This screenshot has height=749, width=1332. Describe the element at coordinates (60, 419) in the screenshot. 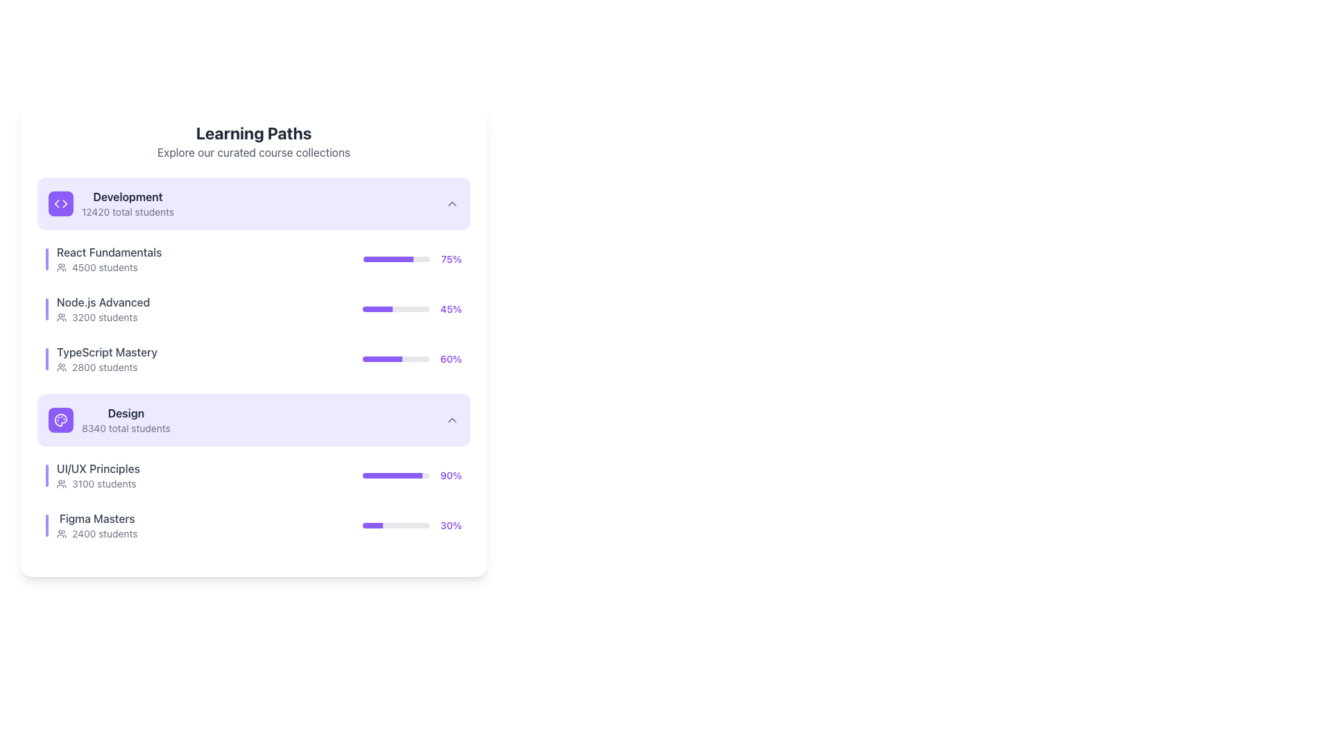

I see `the palette icon with a violet background and white foreground located in the 'Design' category, positioned to the left of the text 'Design'` at that location.